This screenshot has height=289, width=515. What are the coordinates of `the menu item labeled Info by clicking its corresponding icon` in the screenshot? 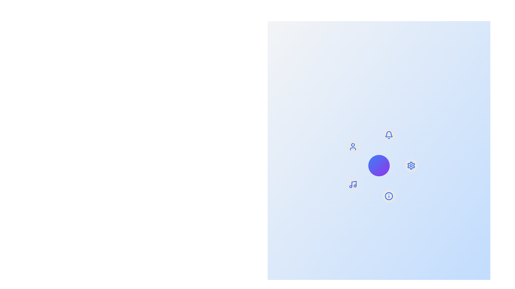 It's located at (389, 196).